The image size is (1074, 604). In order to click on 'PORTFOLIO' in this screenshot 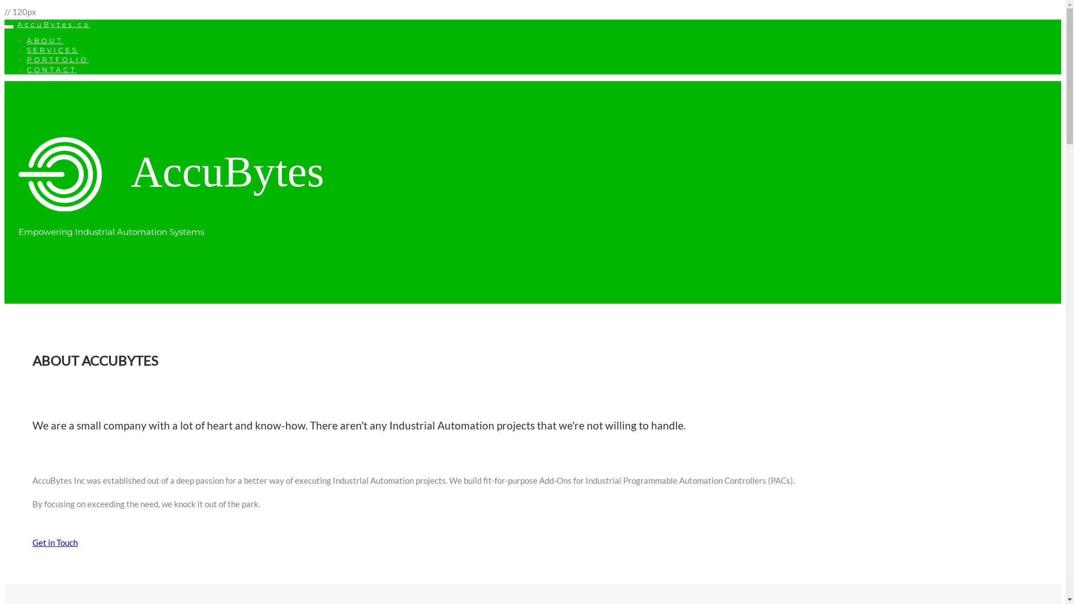, I will do `click(27, 59)`.